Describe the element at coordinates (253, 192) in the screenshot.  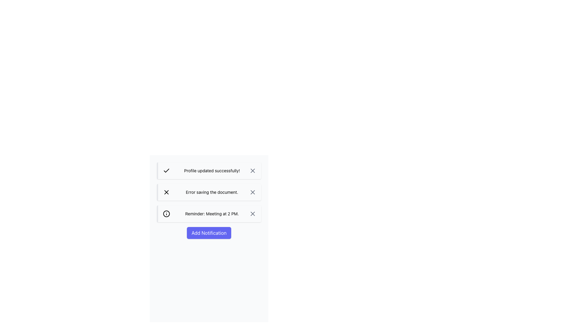
I see `the close button icon that resembles an 'X', located to the right of the notification message 'Error saving the document.', to change its color` at that location.